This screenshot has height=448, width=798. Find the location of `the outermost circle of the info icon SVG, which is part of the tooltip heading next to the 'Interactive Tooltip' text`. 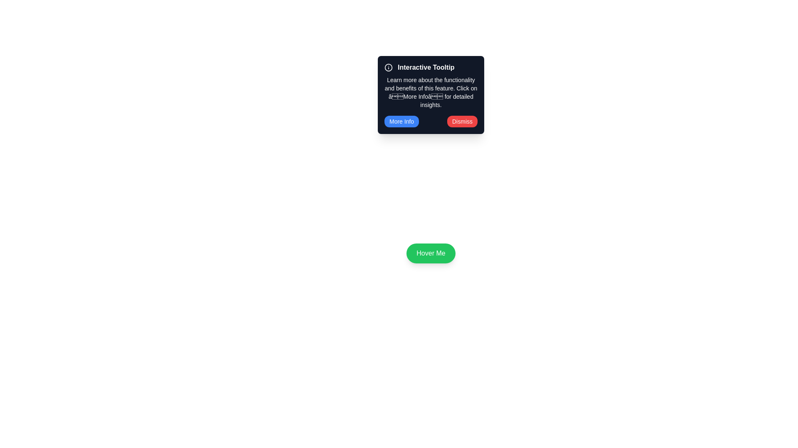

the outermost circle of the info icon SVG, which is part of the tooltip heading next to the 'Interactive Tooltip' text is located at coordinates (388, 67).